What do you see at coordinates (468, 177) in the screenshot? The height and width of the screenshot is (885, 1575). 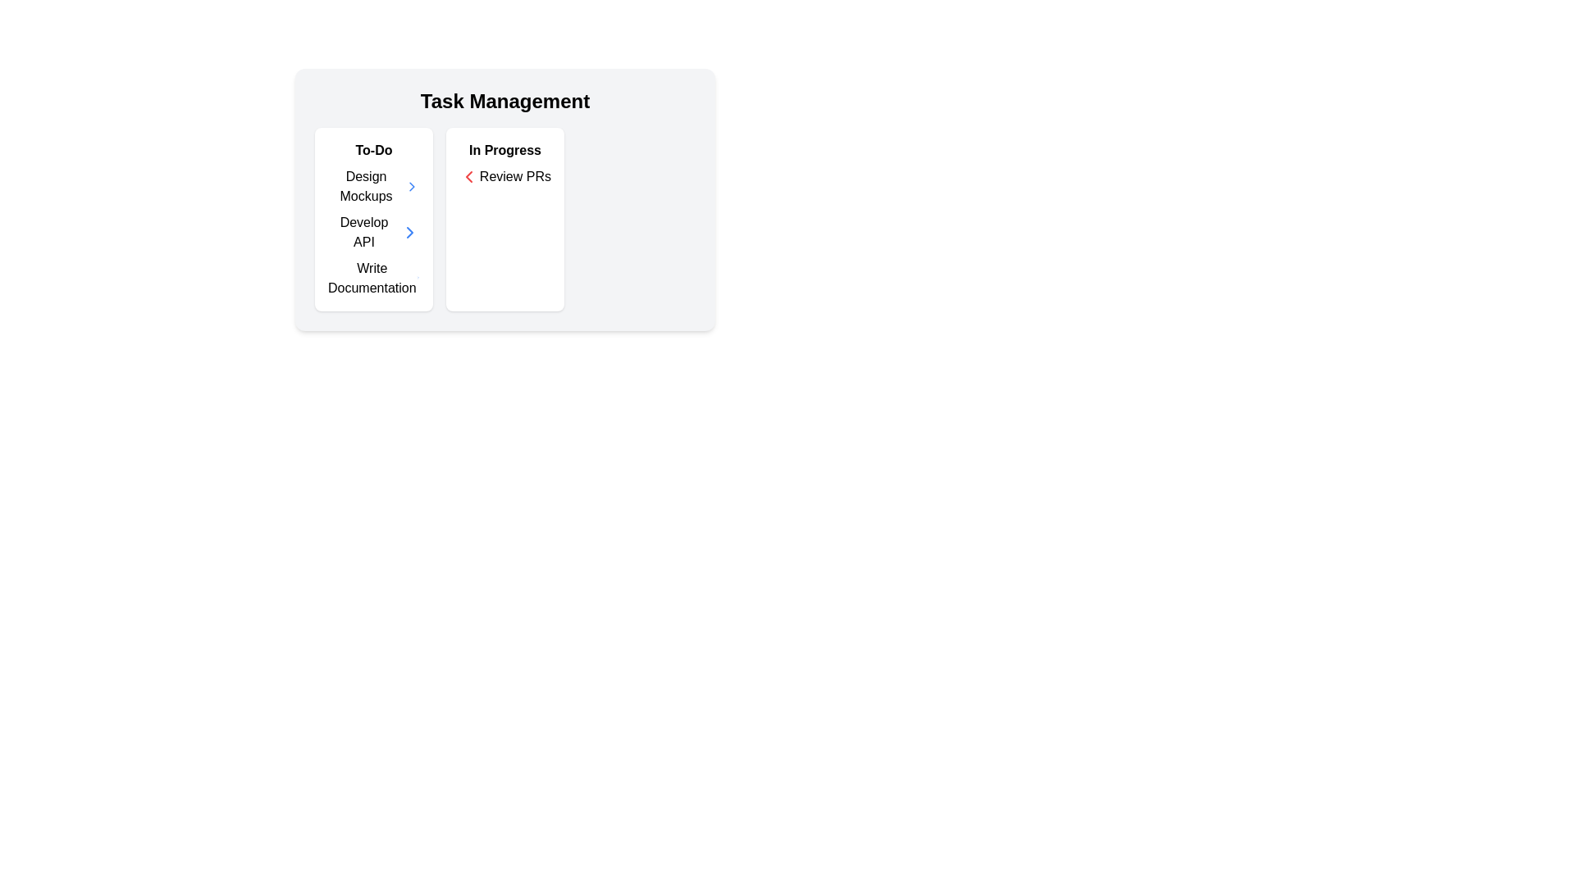 I see `the navigational button located at the leftmost position of the 'Review PRs' row header under the 'In Progress' category` at bounding box center [468, 177].